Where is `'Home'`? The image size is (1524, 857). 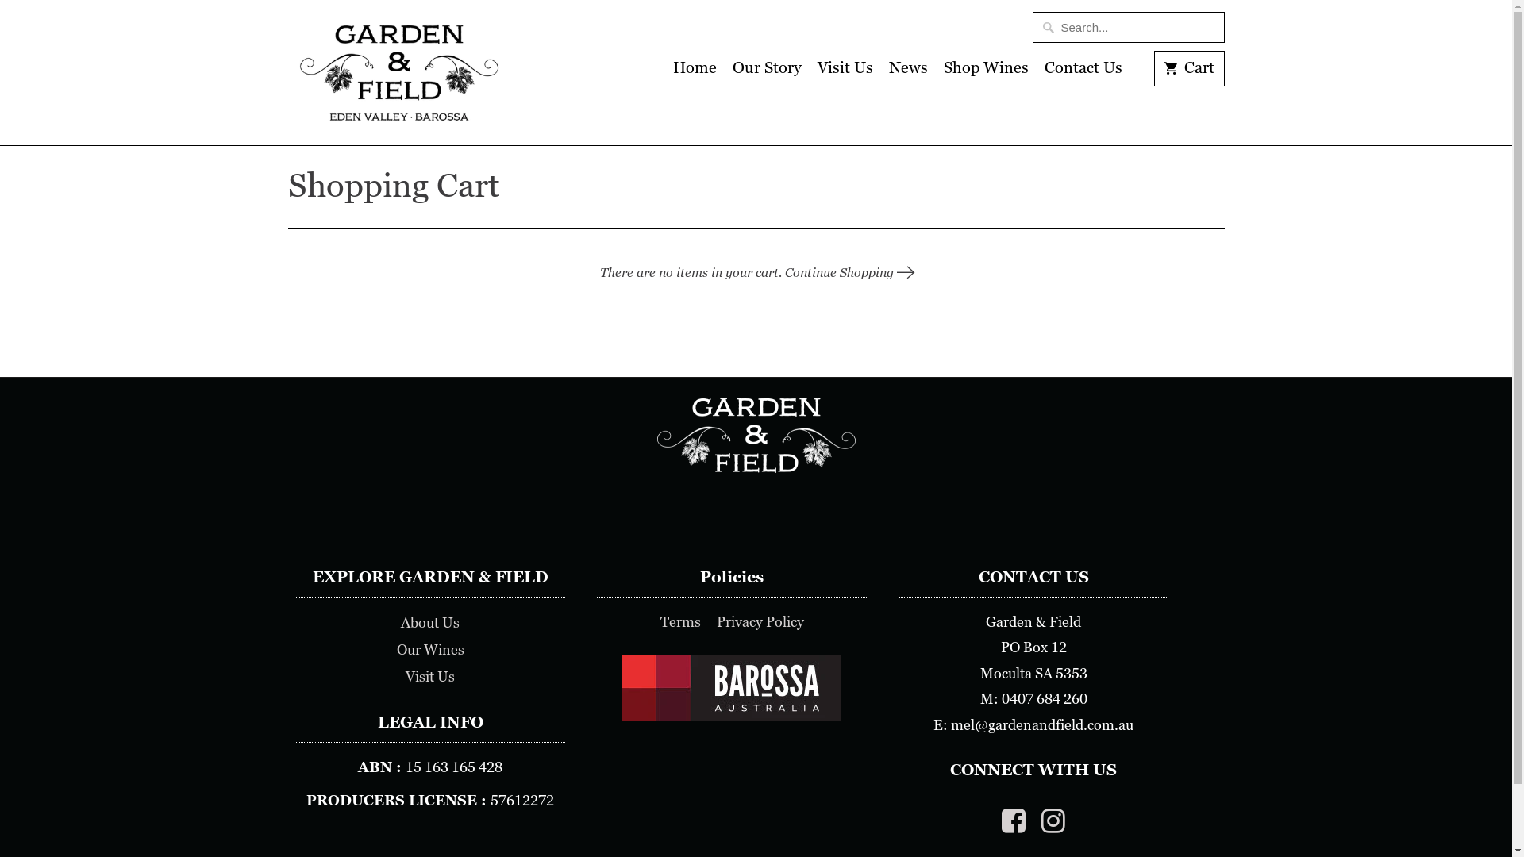 'Home' is located at coordinates (673, 72).